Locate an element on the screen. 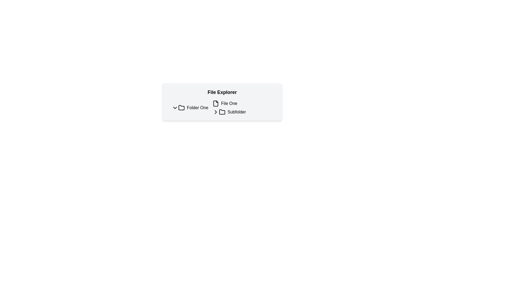  the third text label that identifies the subfolder in the horizontal arrangement of elements is located at coordinates (236, 112).